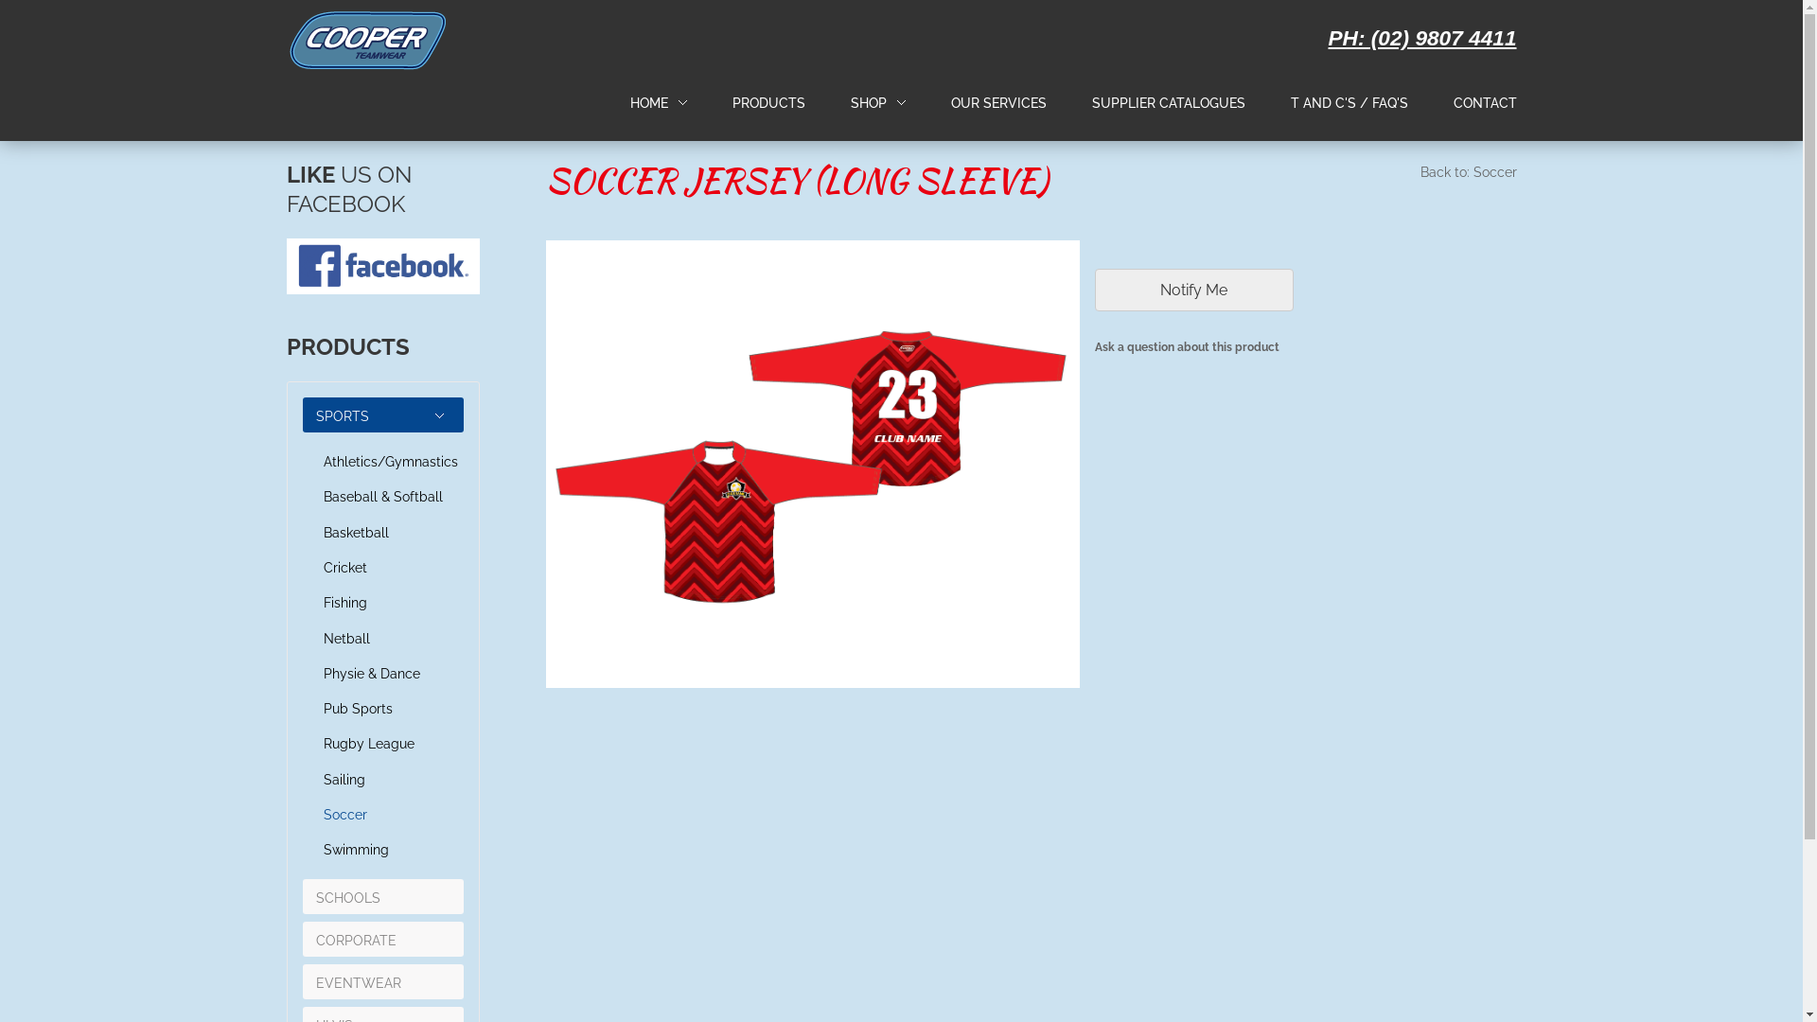 Image resolution: width=1817 pixels, height=1022 pixels. Describe the element at coordinates (1289, 102) in the screenshot. I see `'T AND C'S / FAQ'S'` at that location.